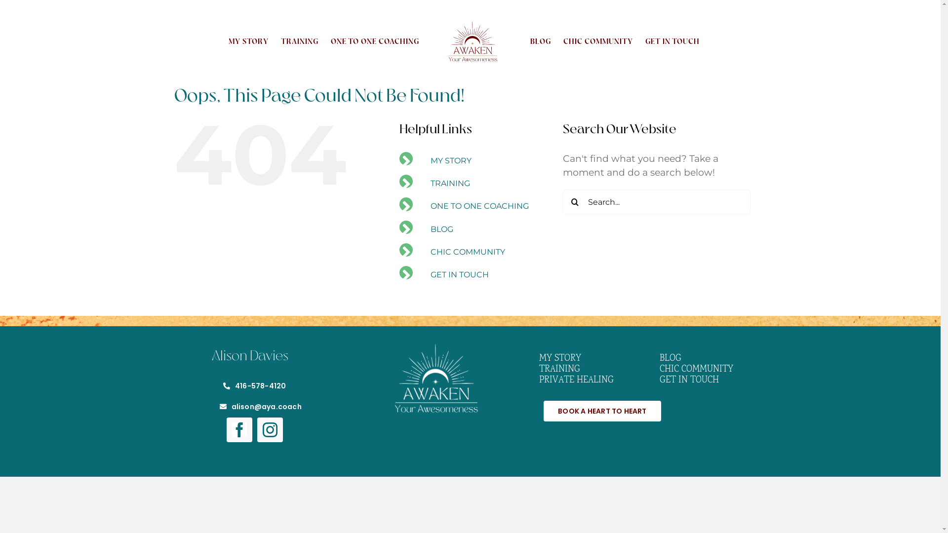  Describe the element at coordinates (441, 229) in the screenshot. I see `'BLOG'` at that location.